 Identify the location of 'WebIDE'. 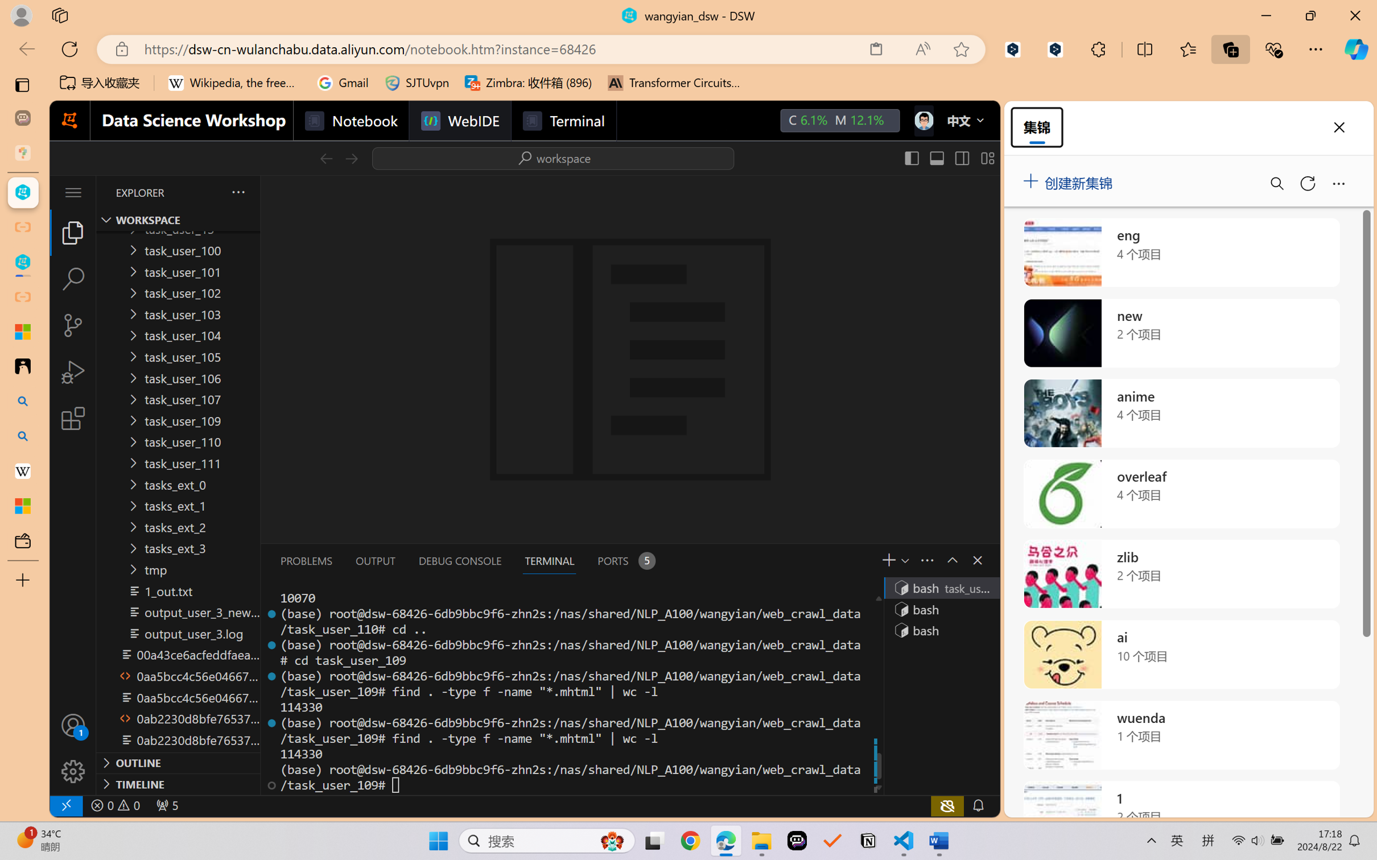
(459, 120).